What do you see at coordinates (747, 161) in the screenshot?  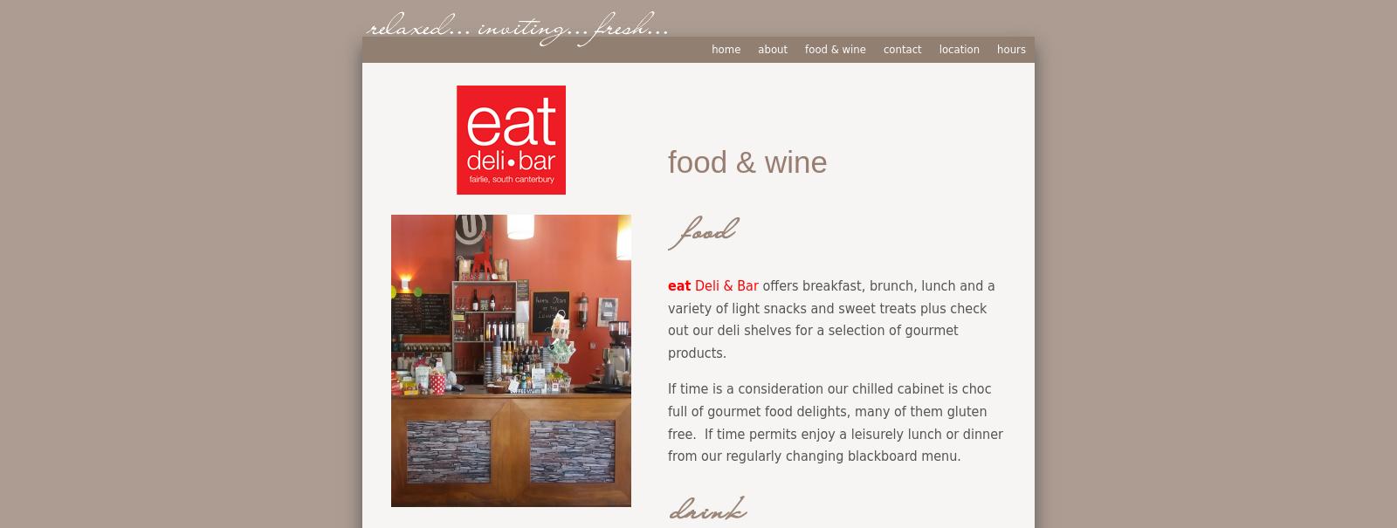 I see `'food & wine'` at bounding box center [747, 161].